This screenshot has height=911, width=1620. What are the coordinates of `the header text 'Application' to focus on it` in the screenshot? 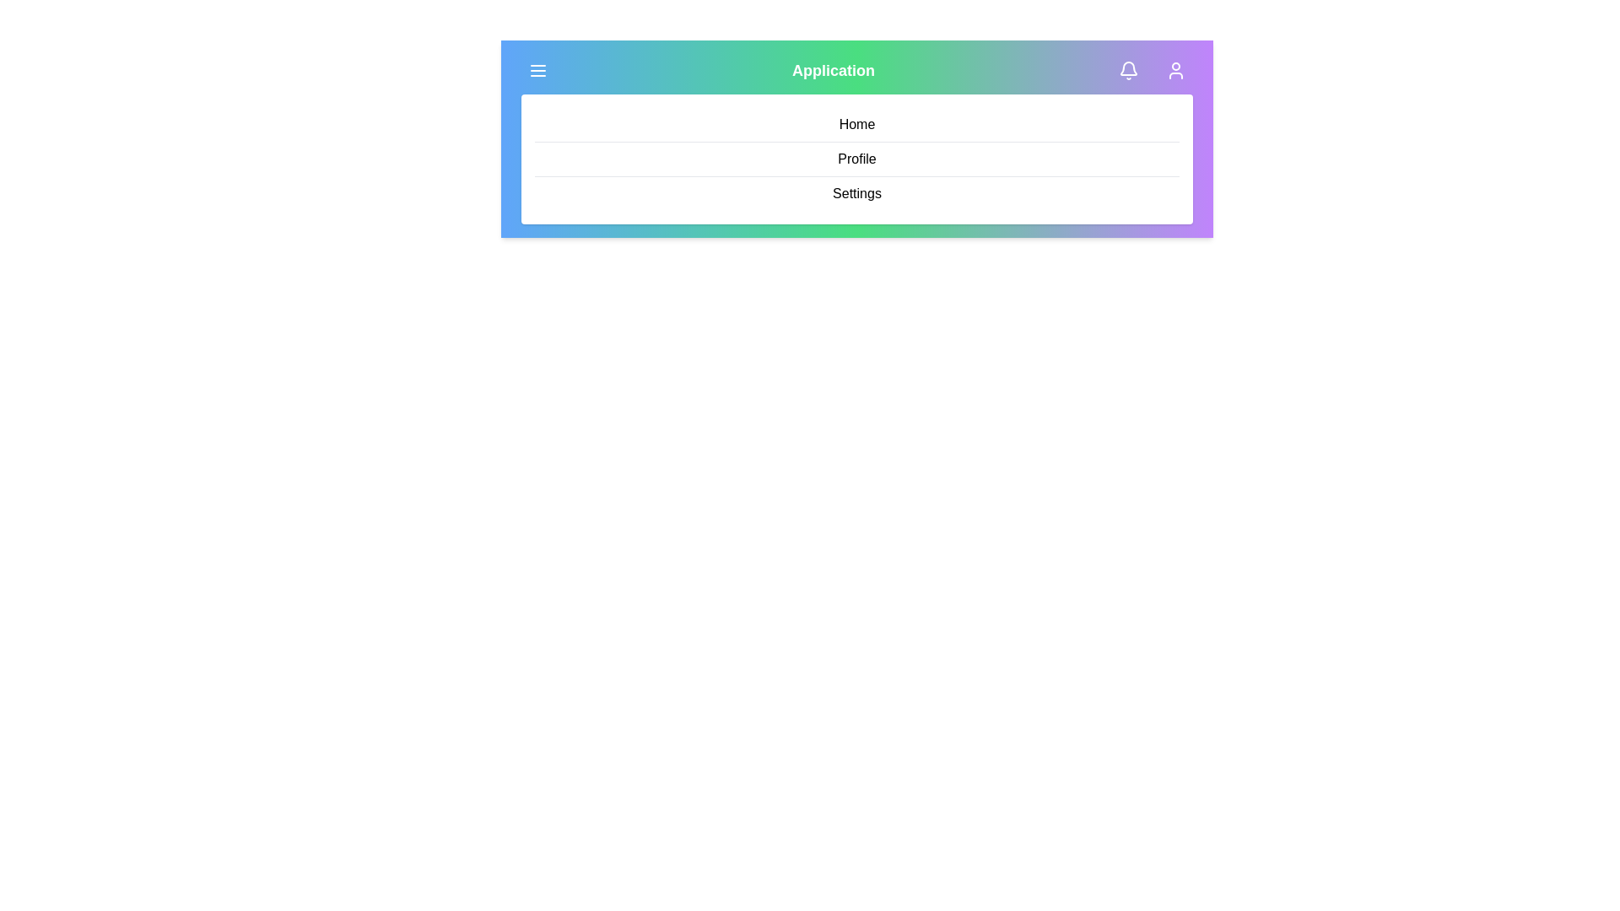 It's located at (834, 70).